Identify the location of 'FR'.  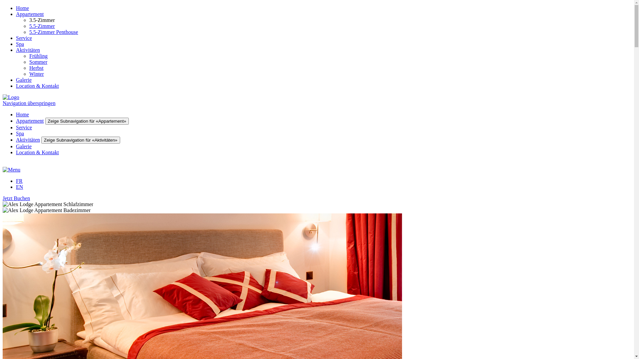
(19, 181).